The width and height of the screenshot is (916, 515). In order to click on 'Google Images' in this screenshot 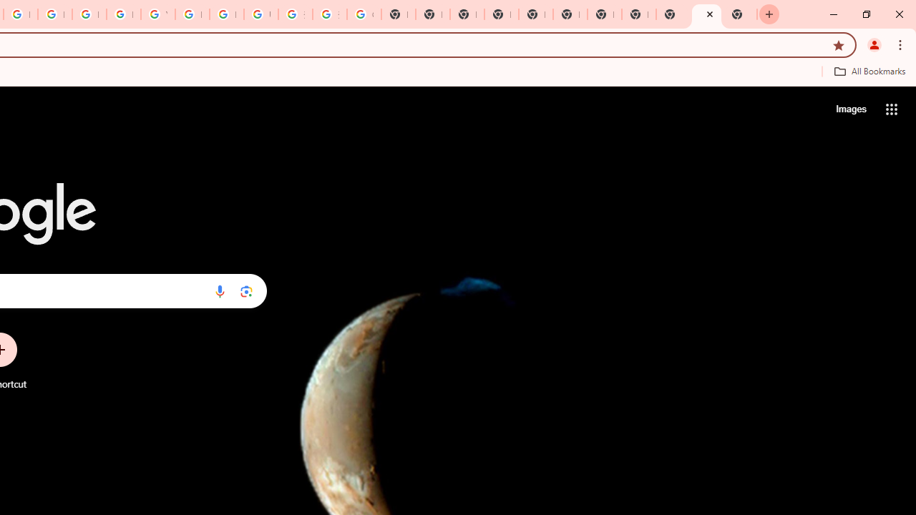, I will do `click(364, 14)`.